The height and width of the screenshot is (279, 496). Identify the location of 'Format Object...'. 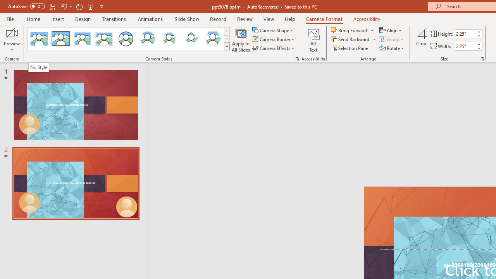
(296, 58).